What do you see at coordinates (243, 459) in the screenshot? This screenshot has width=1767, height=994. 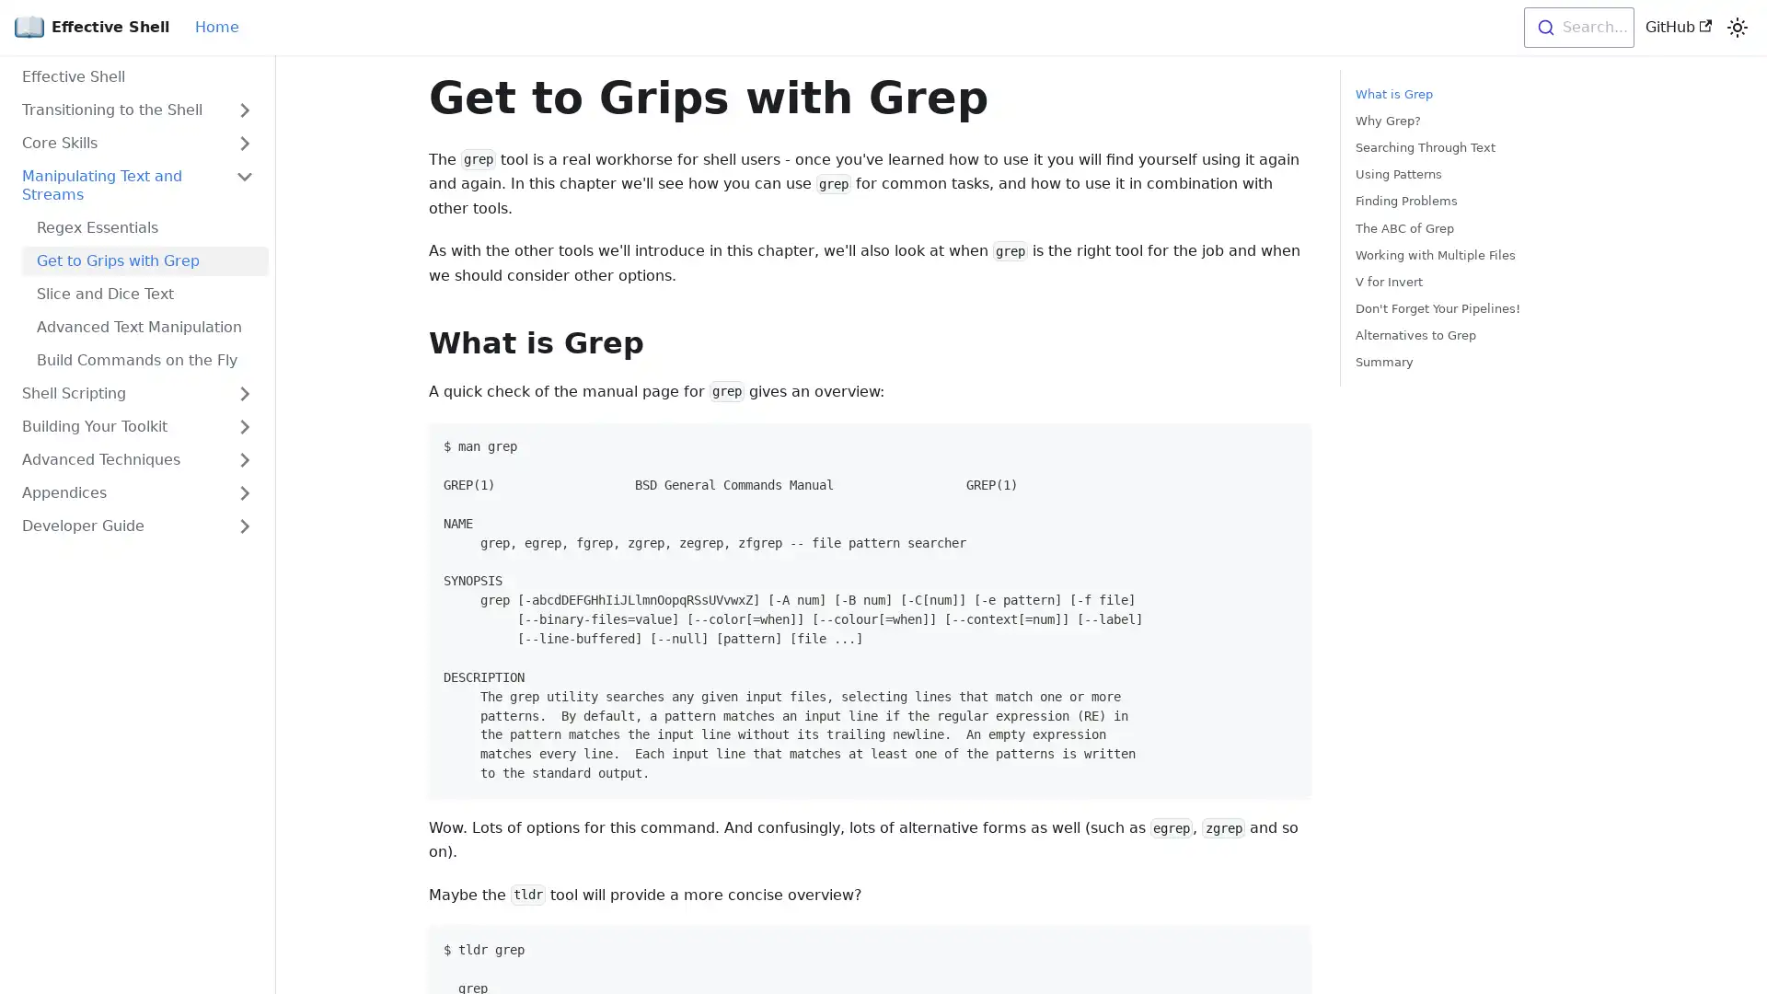 I see `Toggle the collapsible sidebar category 'Advanced Techniques'` at bounding box center [243, 459].